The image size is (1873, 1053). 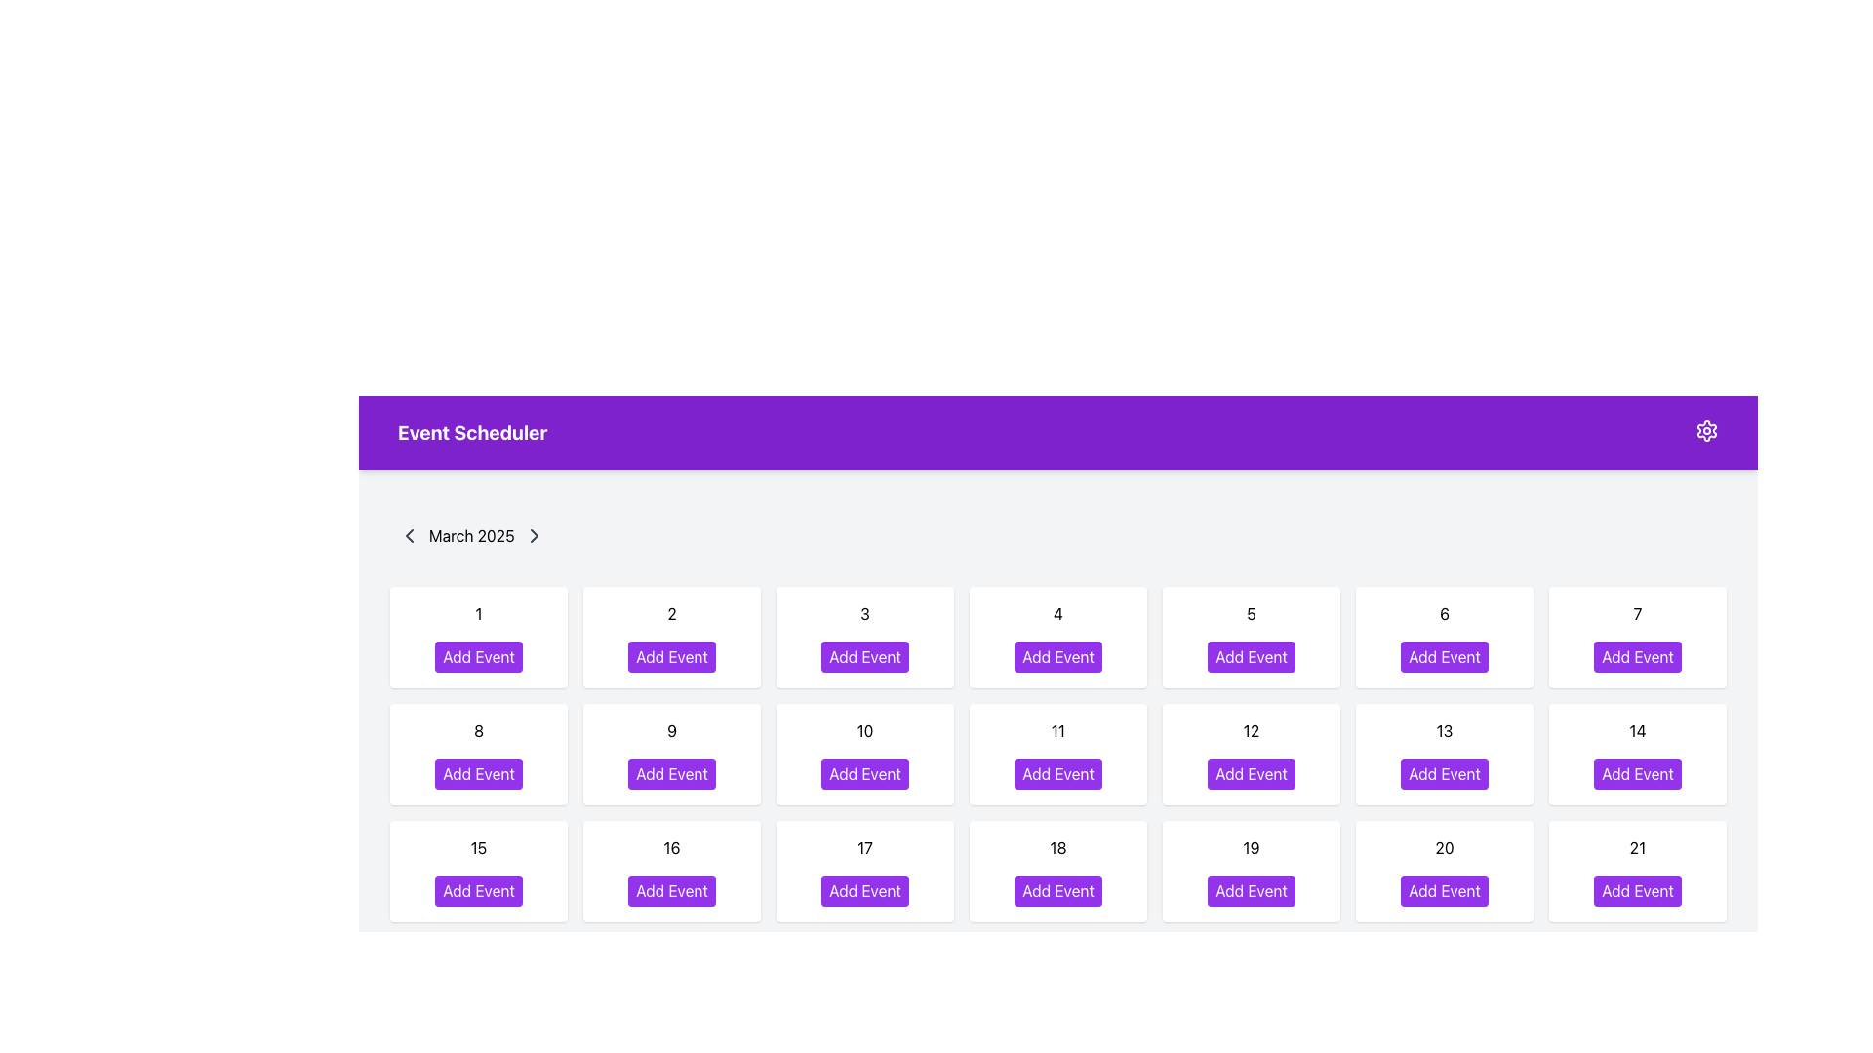 What do you see at coordinates (864, 891) in the screenshot?
I see `the 'Add Event' button for day '17' in the March 2025 calendar` at bounding box center [864, 891].